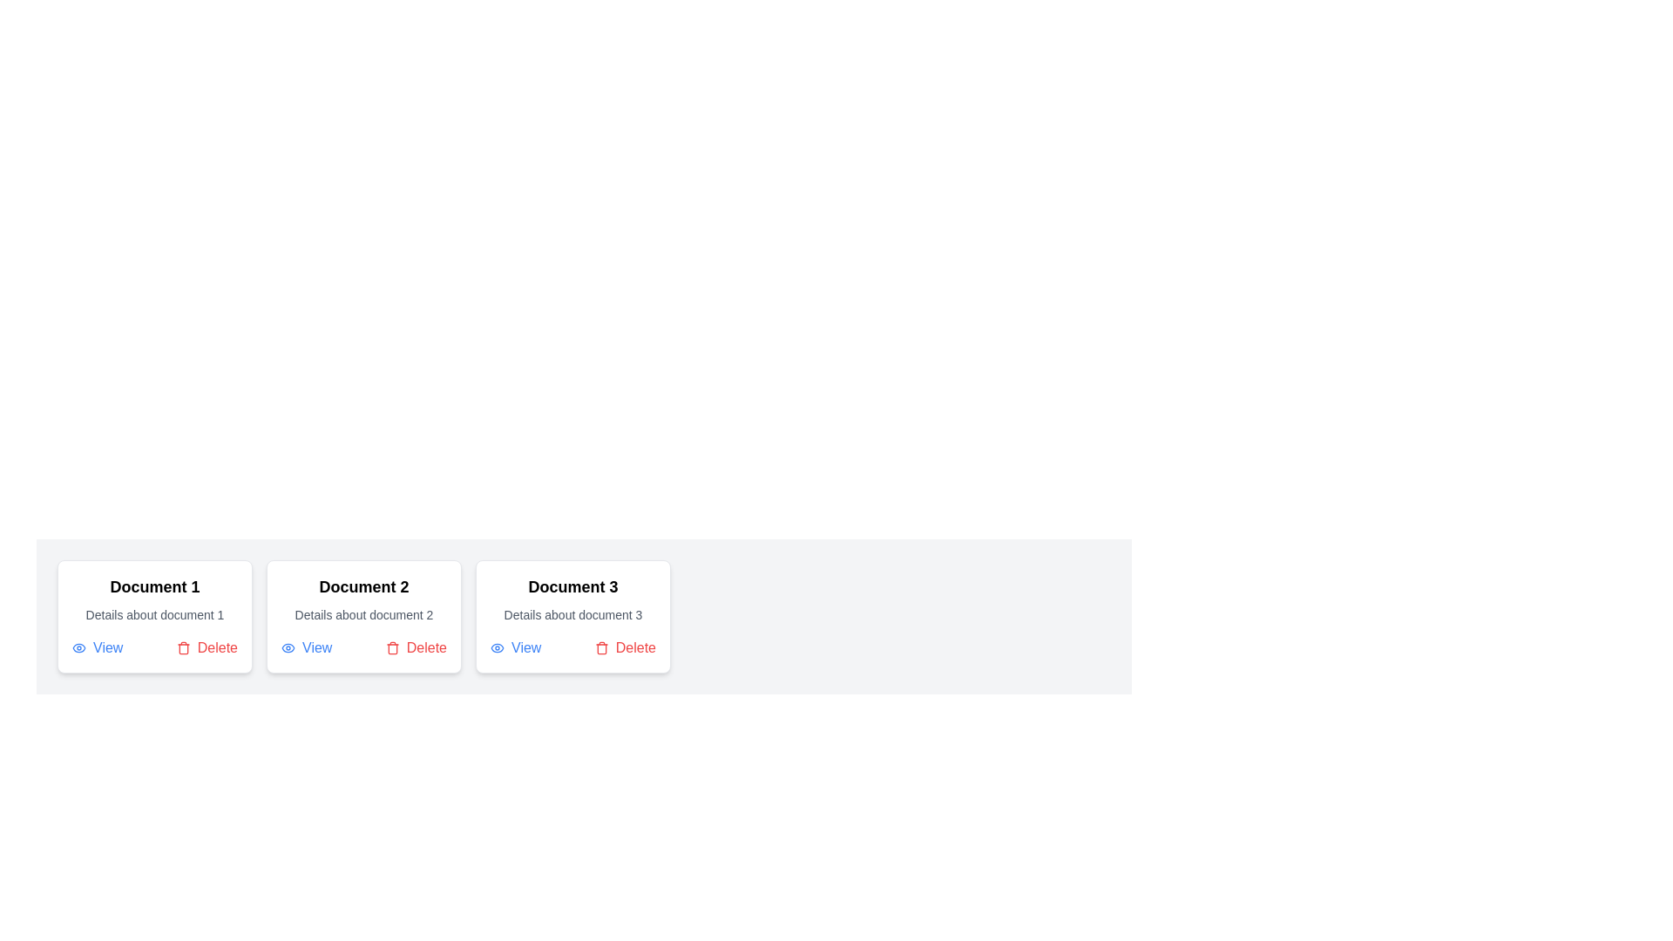 This screenshot has height=941, width=1673. I want to click on the descriptive text element reading 'Details about document 1' which is styled in a smaller gray font and located below the title 'Document 1' in the first card, so click(154, 613).